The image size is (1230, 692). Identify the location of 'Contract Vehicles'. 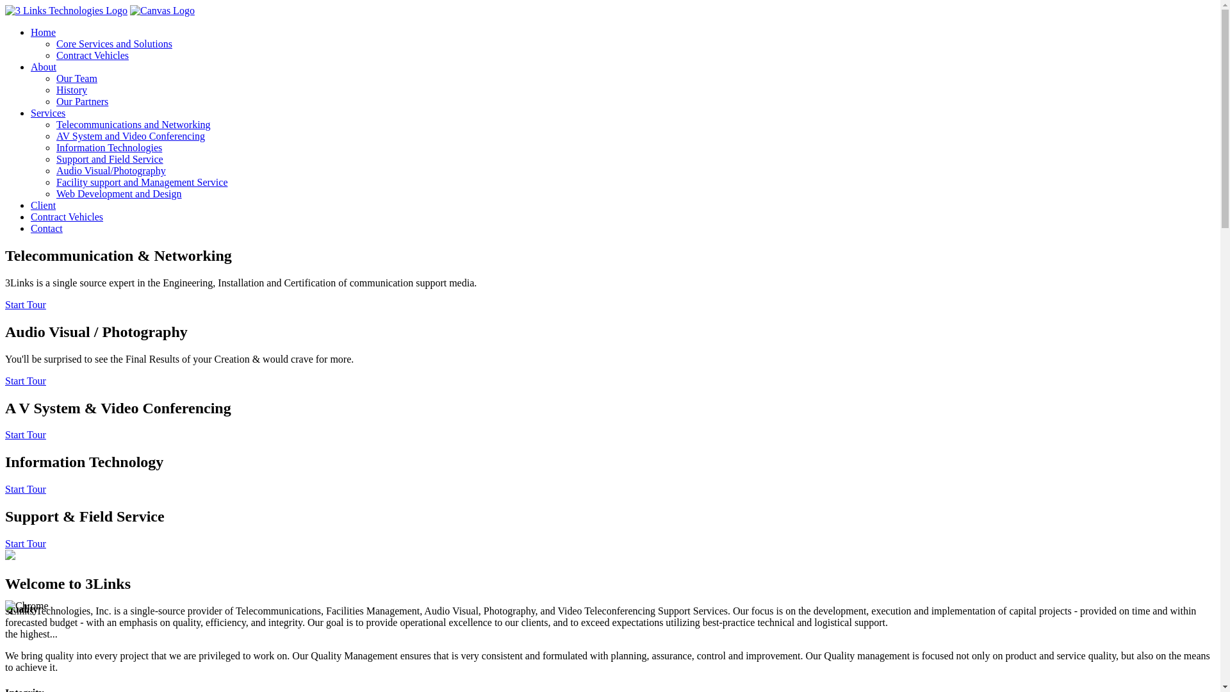
(31, 217).